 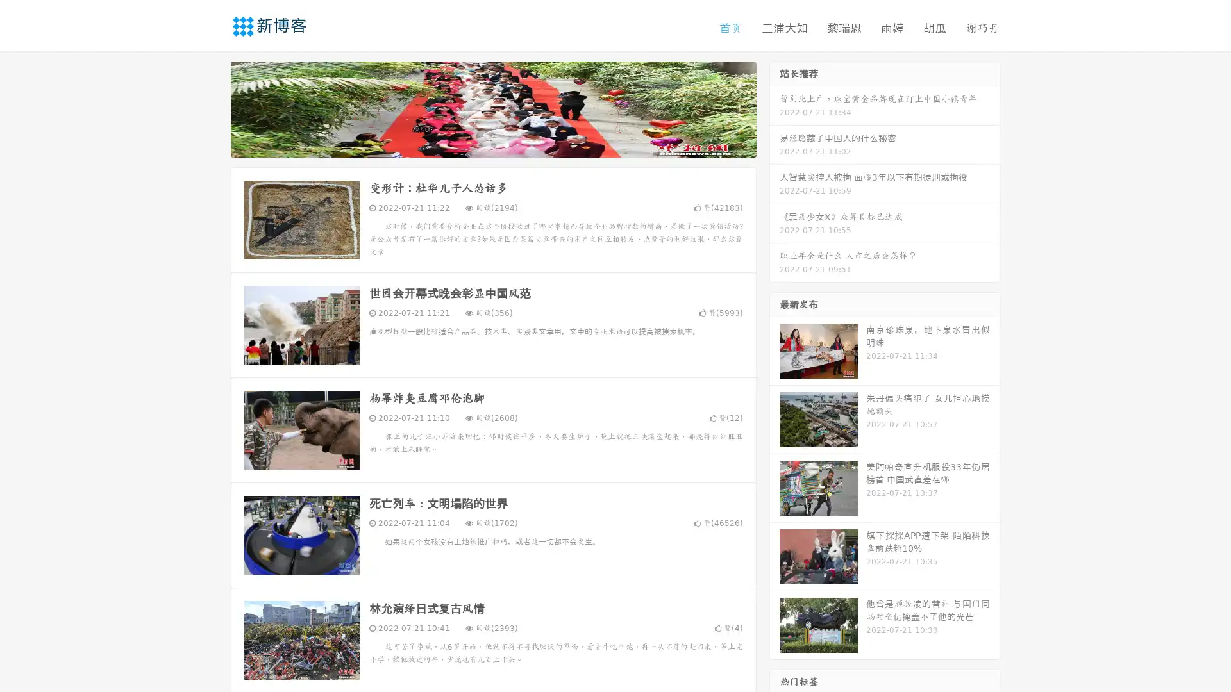 What do you see at coordinates (506, 144) in the screenshot?
I see `Go to slide 3` at bounding box center [506, 144].